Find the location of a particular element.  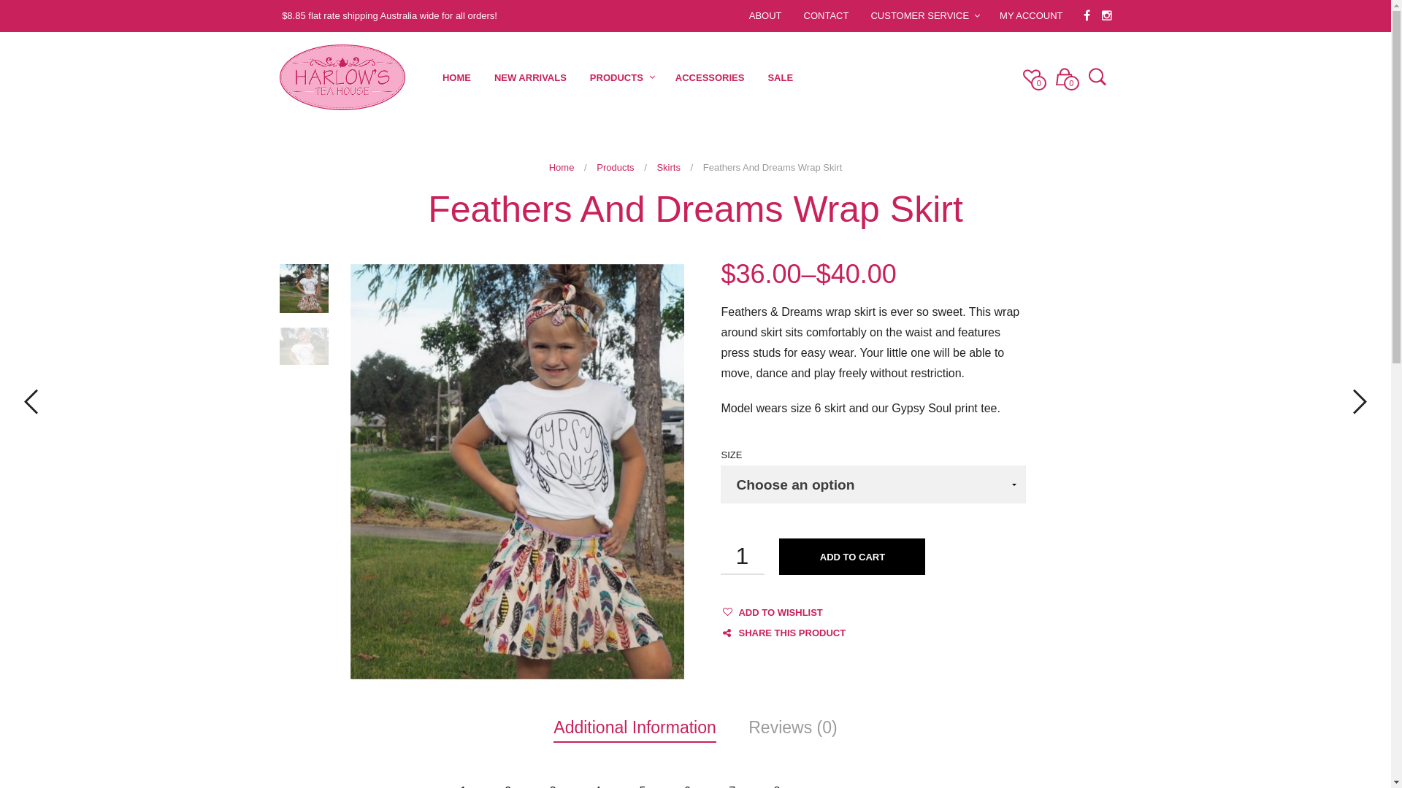

'Home' is located at coordinates (561, 166).